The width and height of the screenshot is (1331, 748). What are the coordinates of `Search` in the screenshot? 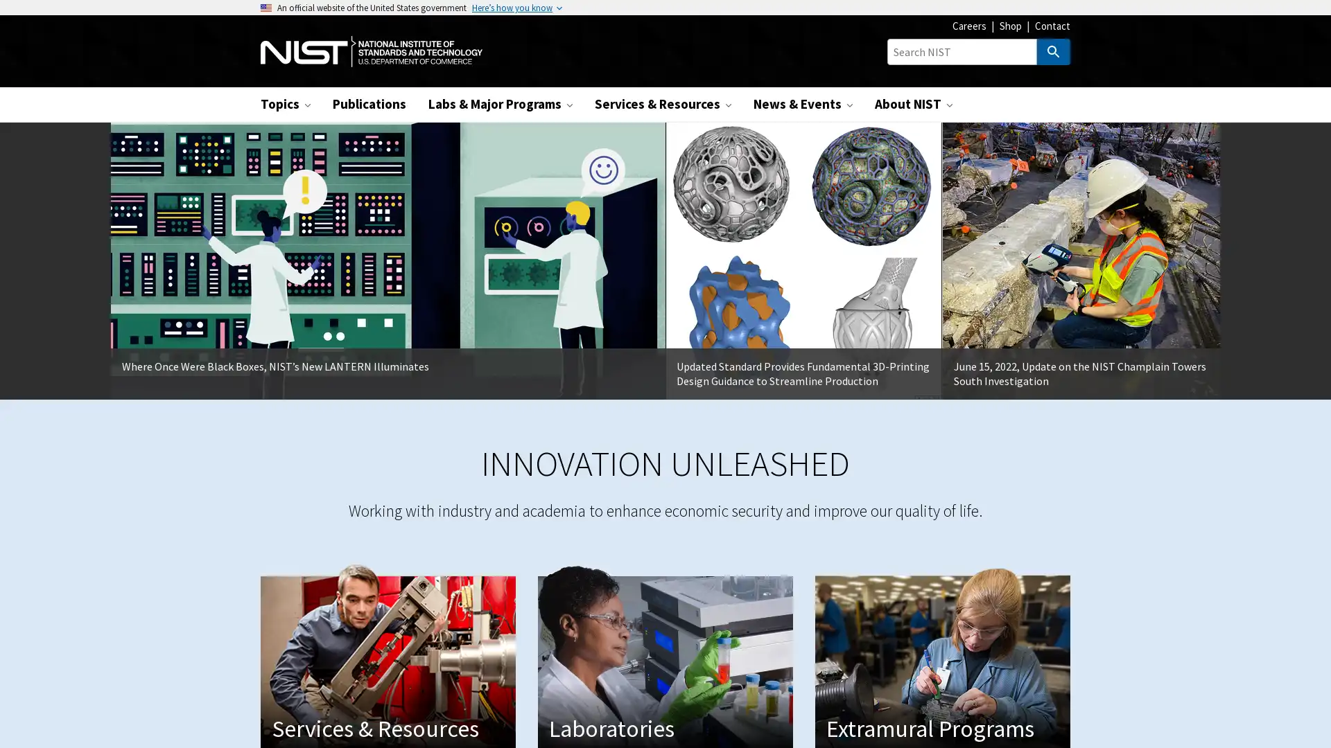 It's located at (1054, 51).